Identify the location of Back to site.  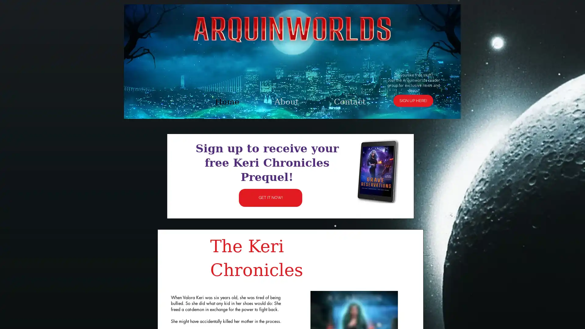
(383, 92).